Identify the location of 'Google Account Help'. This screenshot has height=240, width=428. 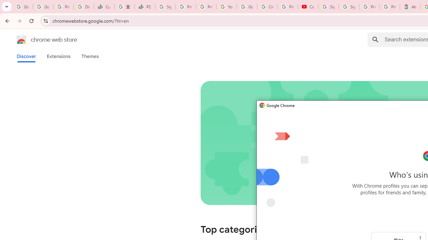
(246, 7).